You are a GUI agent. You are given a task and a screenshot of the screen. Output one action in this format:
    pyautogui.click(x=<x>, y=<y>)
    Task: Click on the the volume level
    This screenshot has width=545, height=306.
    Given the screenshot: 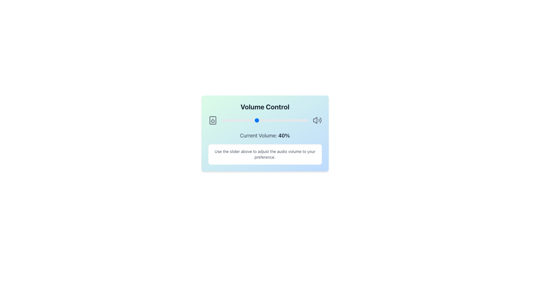 What is the action you would take?
    pyautogui.click(x=247, y=120)
    